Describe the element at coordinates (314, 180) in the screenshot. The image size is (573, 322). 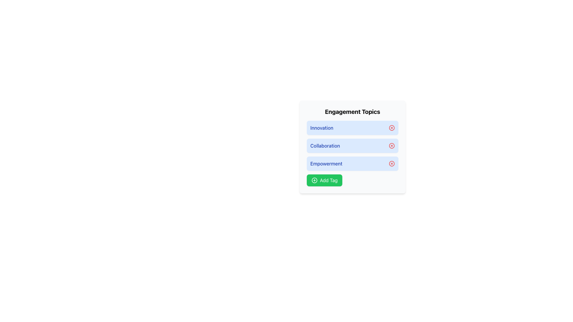
I see `the circular icon with a plus sign located to the left of the text 'Add Tag' within the green button` at that location.